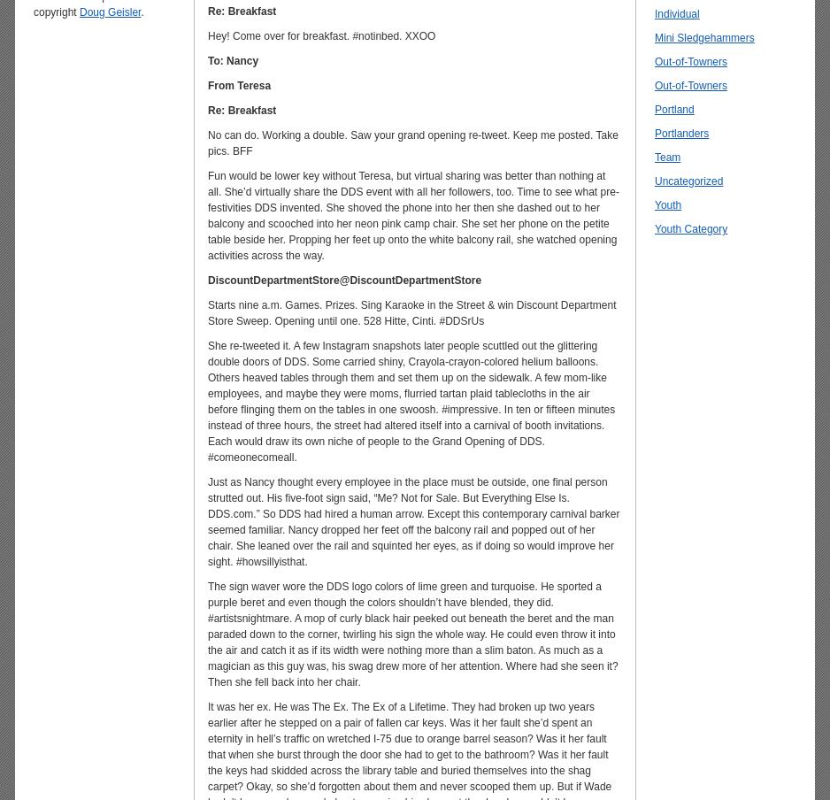 This screenshot has width=830, height=800. I want to click on 'Youth Category', so click(689, 227).